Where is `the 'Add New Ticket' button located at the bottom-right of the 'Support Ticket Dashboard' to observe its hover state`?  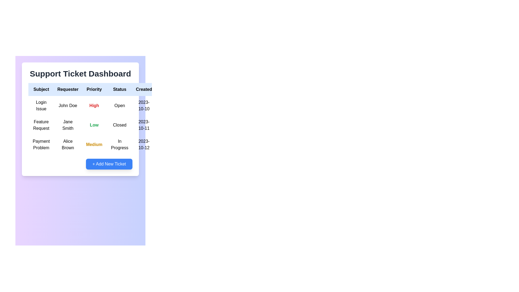 the 'Add New Ticket' button located at the bottom-right of the 'Support Ticket Dashboard' to observe its hover state is located at coordinates (109, 164).